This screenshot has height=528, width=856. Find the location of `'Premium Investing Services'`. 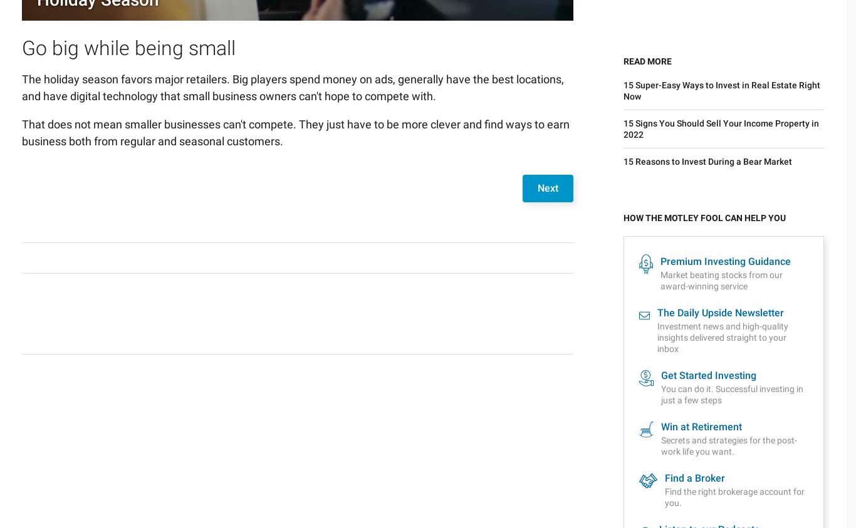

'Premium Investing Services' is located at coordinates (25, 422).